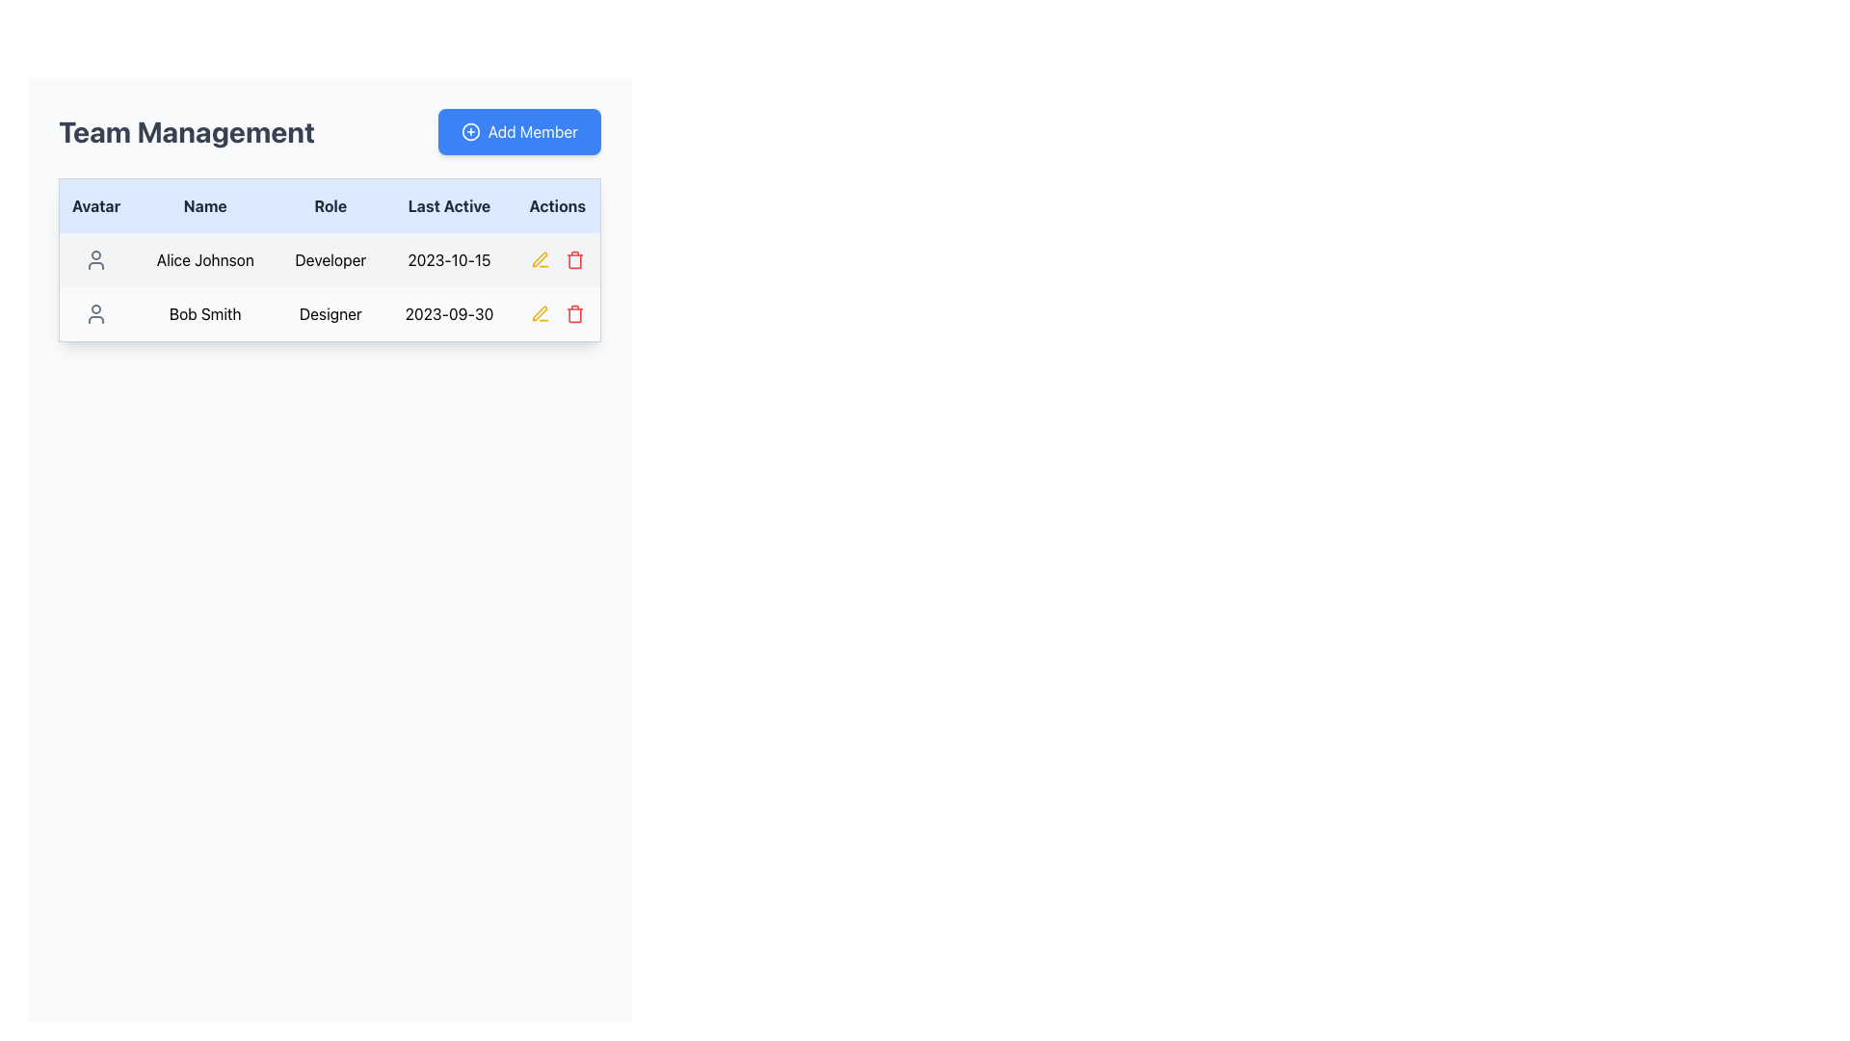  Describe the element at coordinates (205, 205) in the screenshot. I see `text from the header element labeled 'Name' which is bold and displayed against a light blue background in the second column of the table` at that location.